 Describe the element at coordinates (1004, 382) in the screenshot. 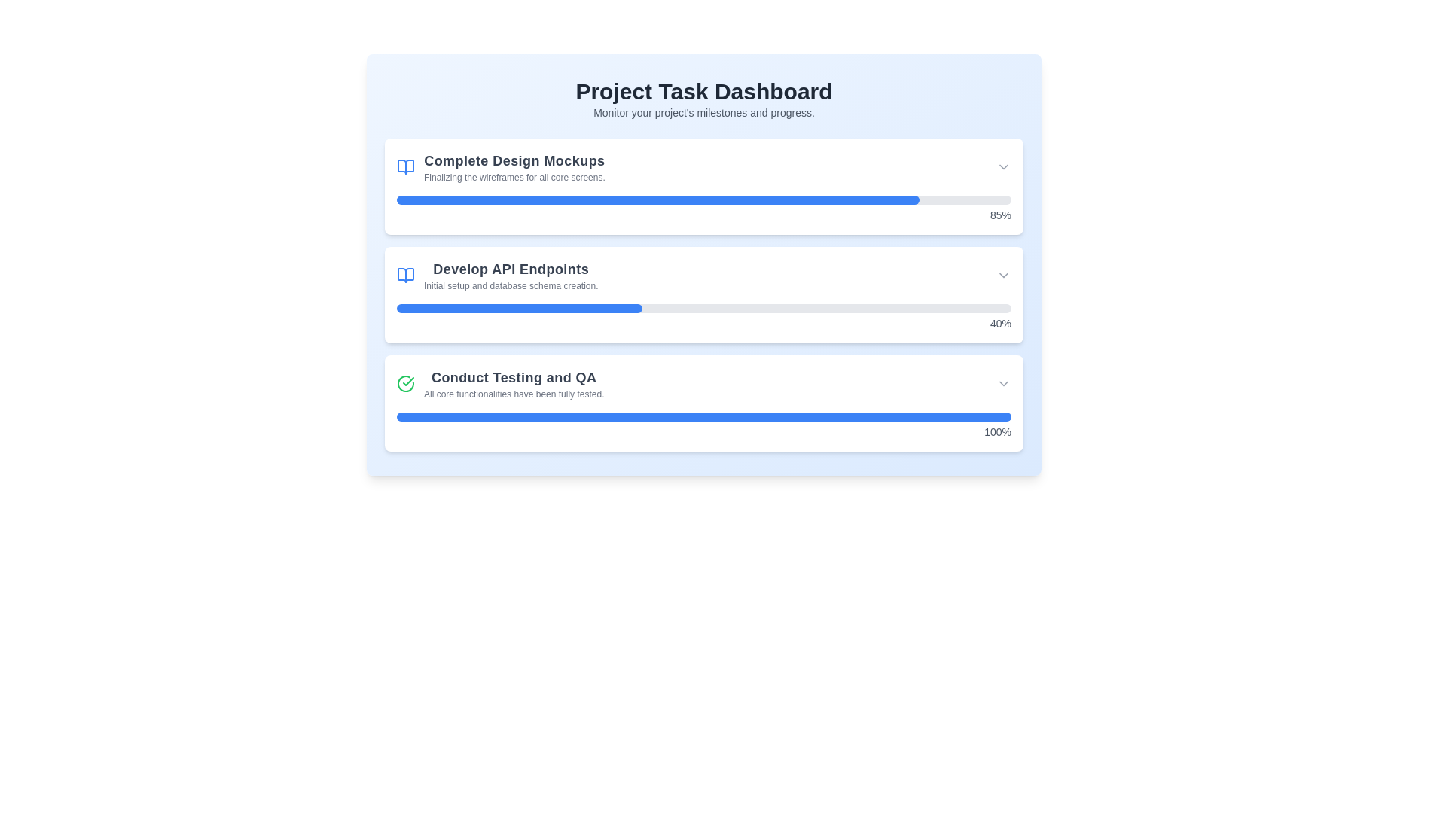

I see `the downward-pointing chevron icon located at the far right of the card for 'Conduct Testing and QA'` at that location.